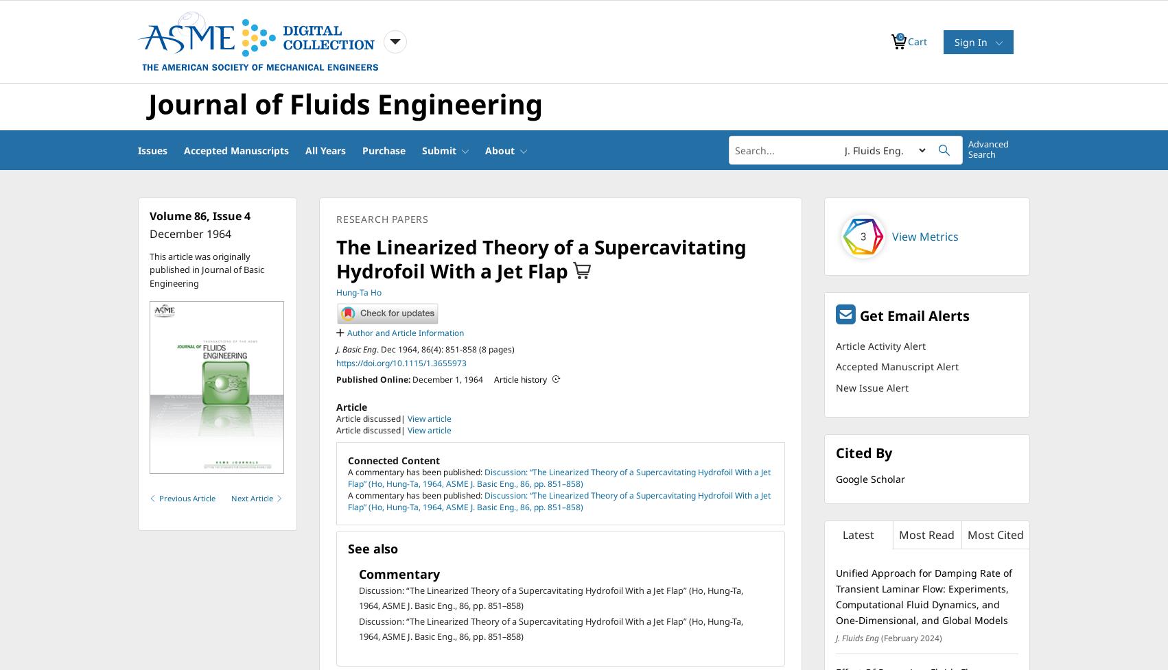  What do you see at coordinates (445, 348) in the screenshot?
I see `'. Dec 1964, 86(4): 851-858 (8 pages)'` at bounding box center [445, 348].